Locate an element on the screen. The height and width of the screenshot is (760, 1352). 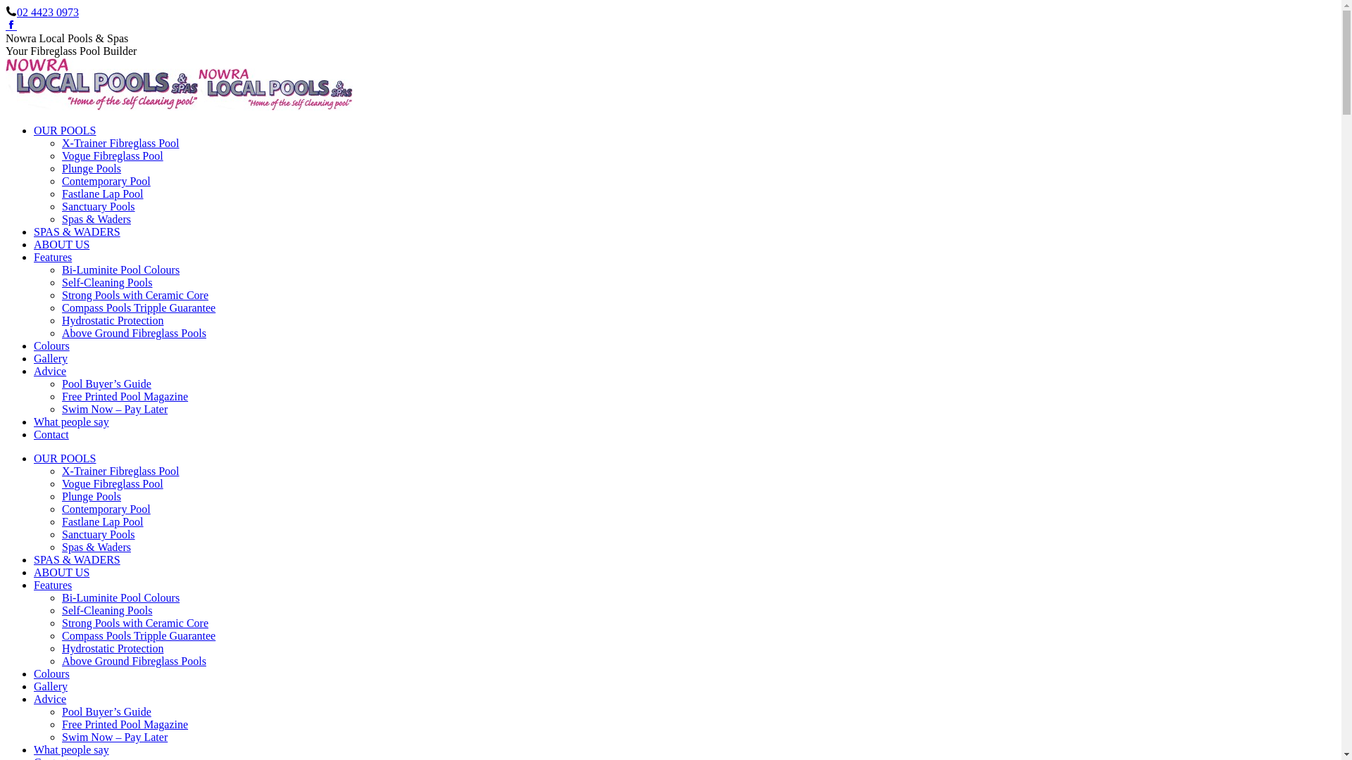
'Hydrostatic Protection' is located at coordinates (61, 648).